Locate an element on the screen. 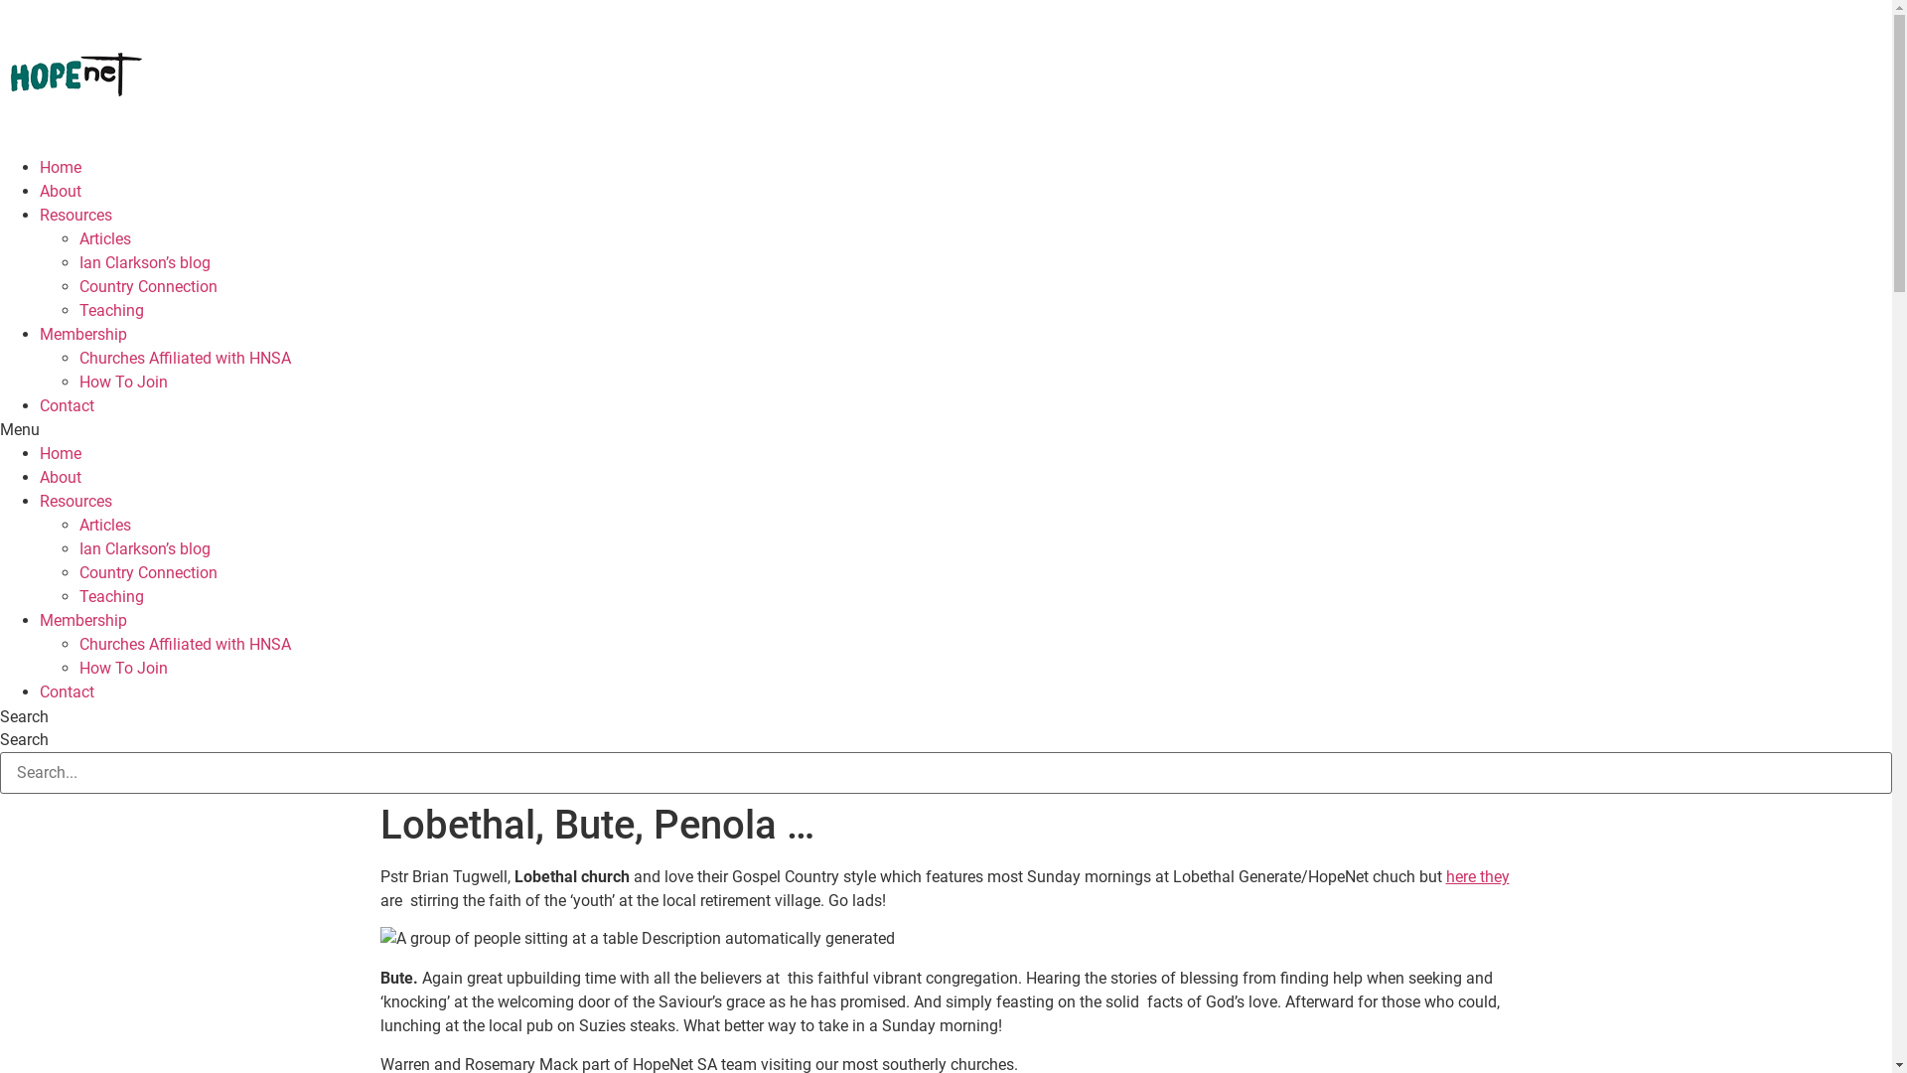  'Churches Affiliated with HNSA' is located at coordinates (185, 358).